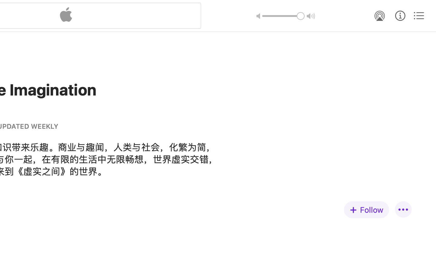 This screenshot has height=272, width=436. Describe the element at coordinates (283, 16) in the screenshot. I see `'1.0'` at that location.